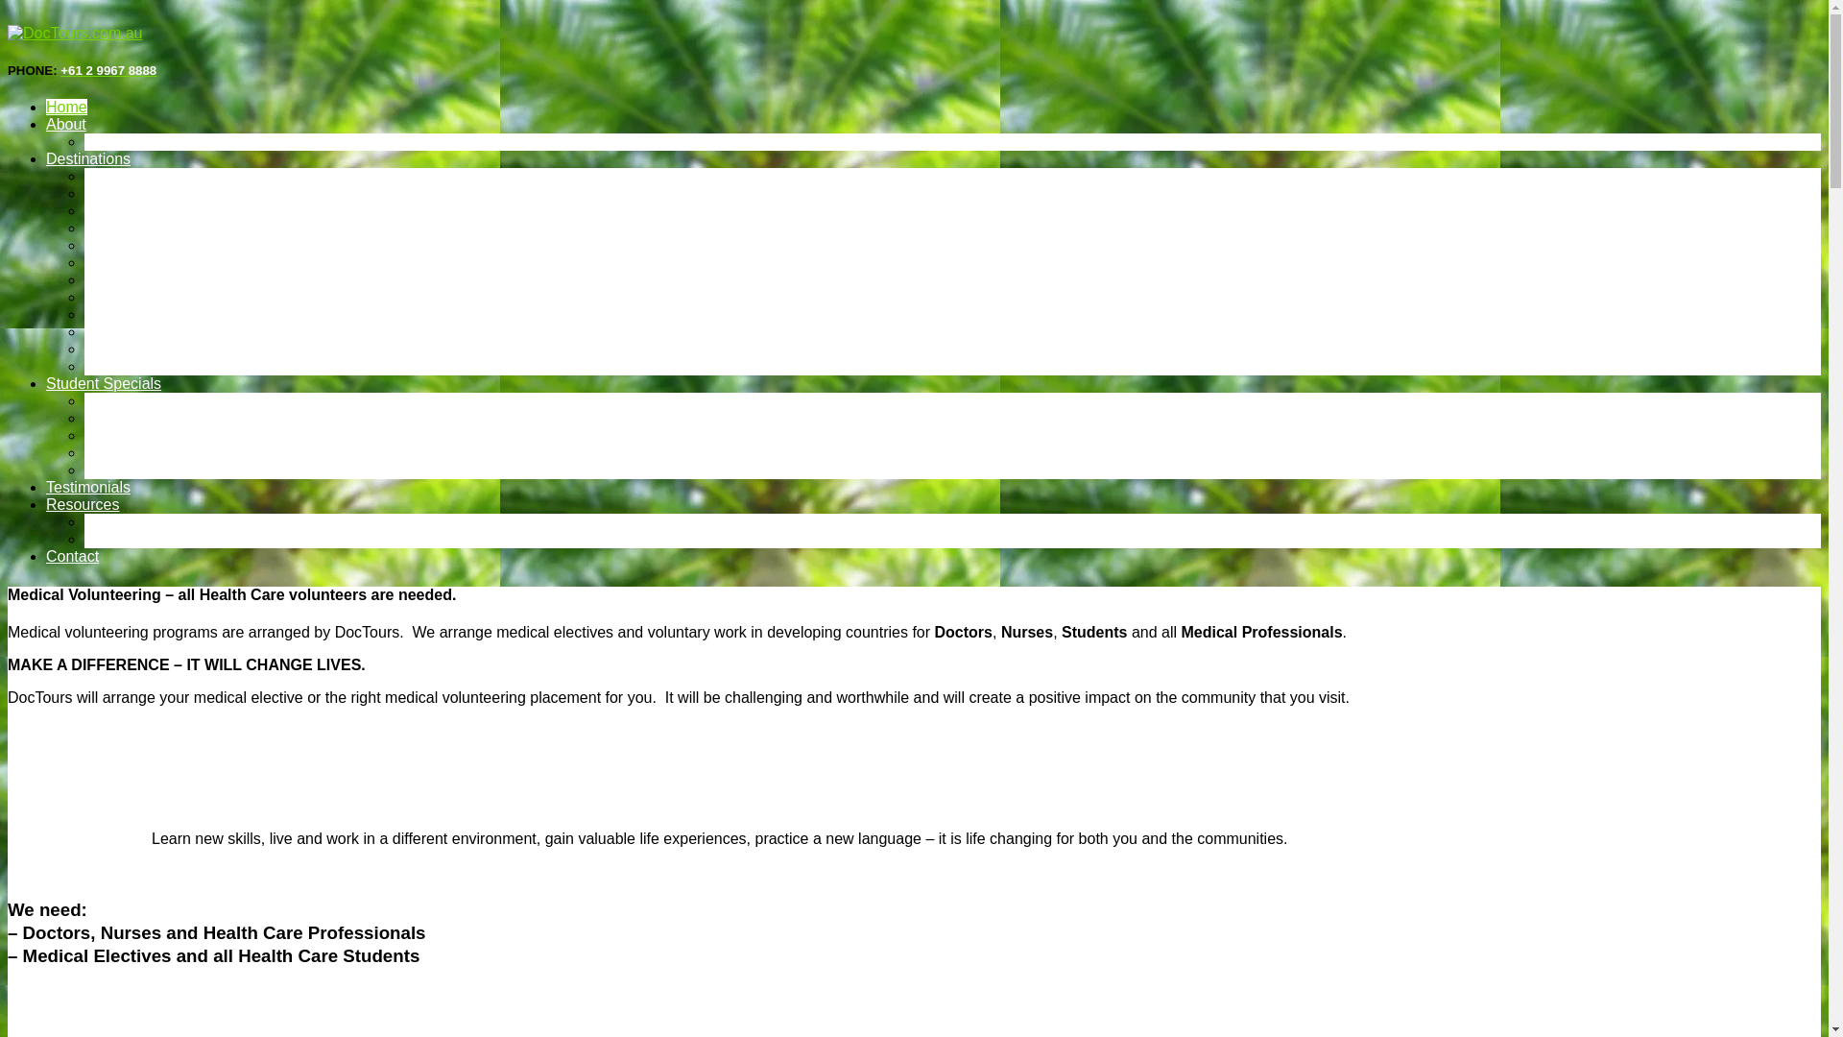 The image size is (1843, 1037). Describe the element at coordinates (82, 503) in the screenshot. I see `'Resources'` at that location.